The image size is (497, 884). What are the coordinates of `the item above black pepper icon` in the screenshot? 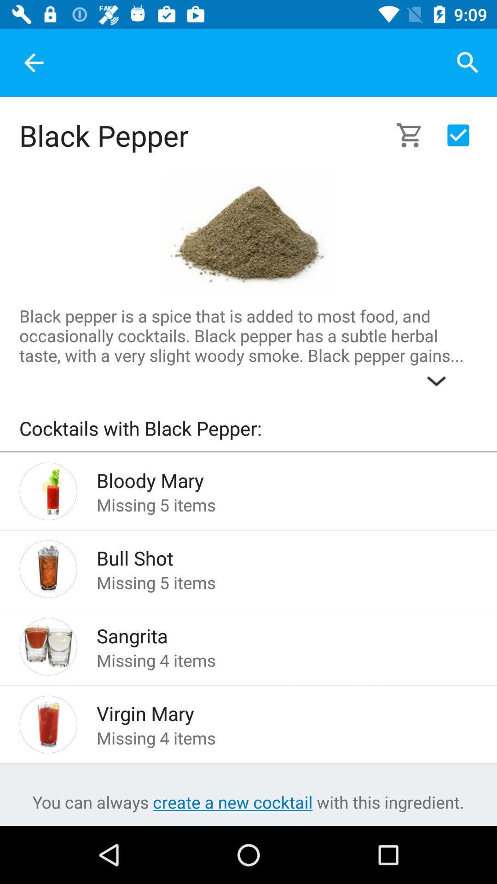 It's located at (33, 62).